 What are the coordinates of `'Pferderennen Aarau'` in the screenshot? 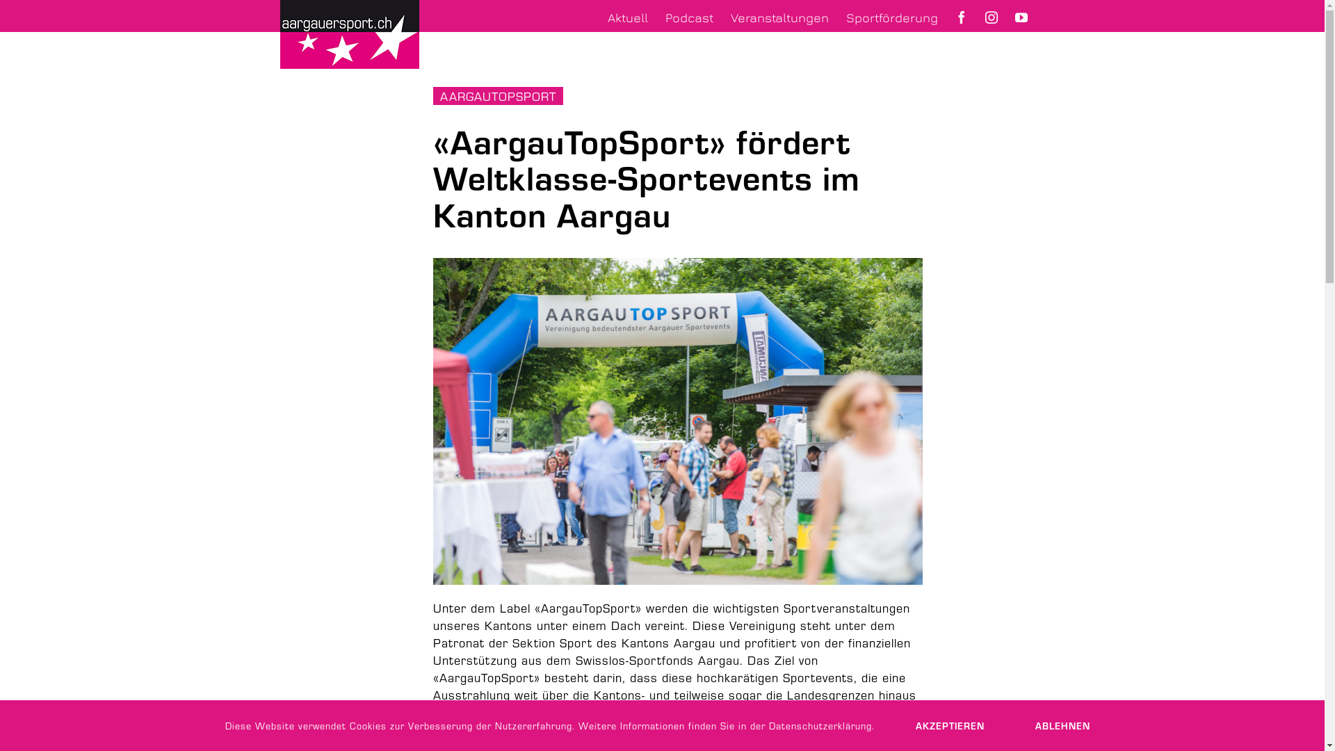 It's located at (432, 420).